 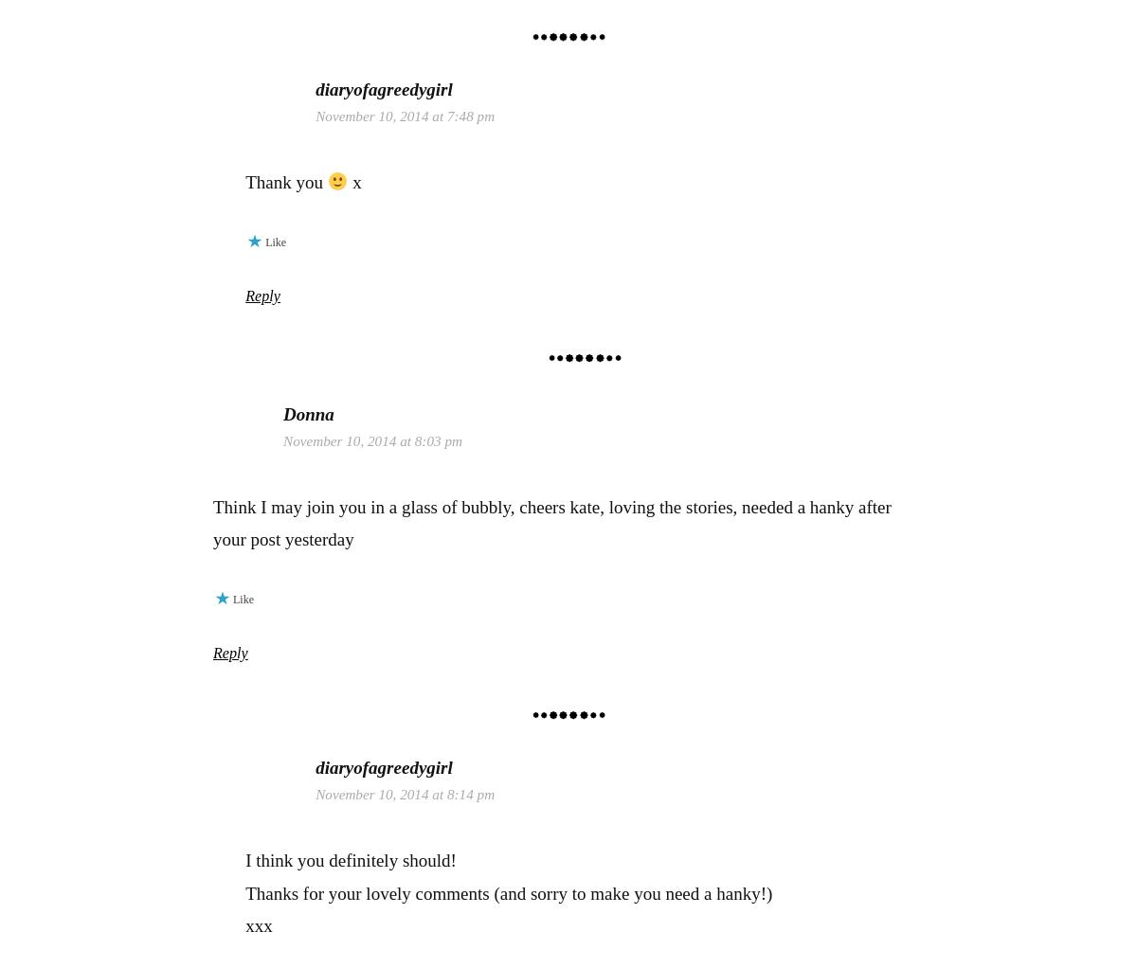 I want to click on 'Thanks for your lovely comments (and sorry to make you need a hanky!)', so click(x=508, y=892).